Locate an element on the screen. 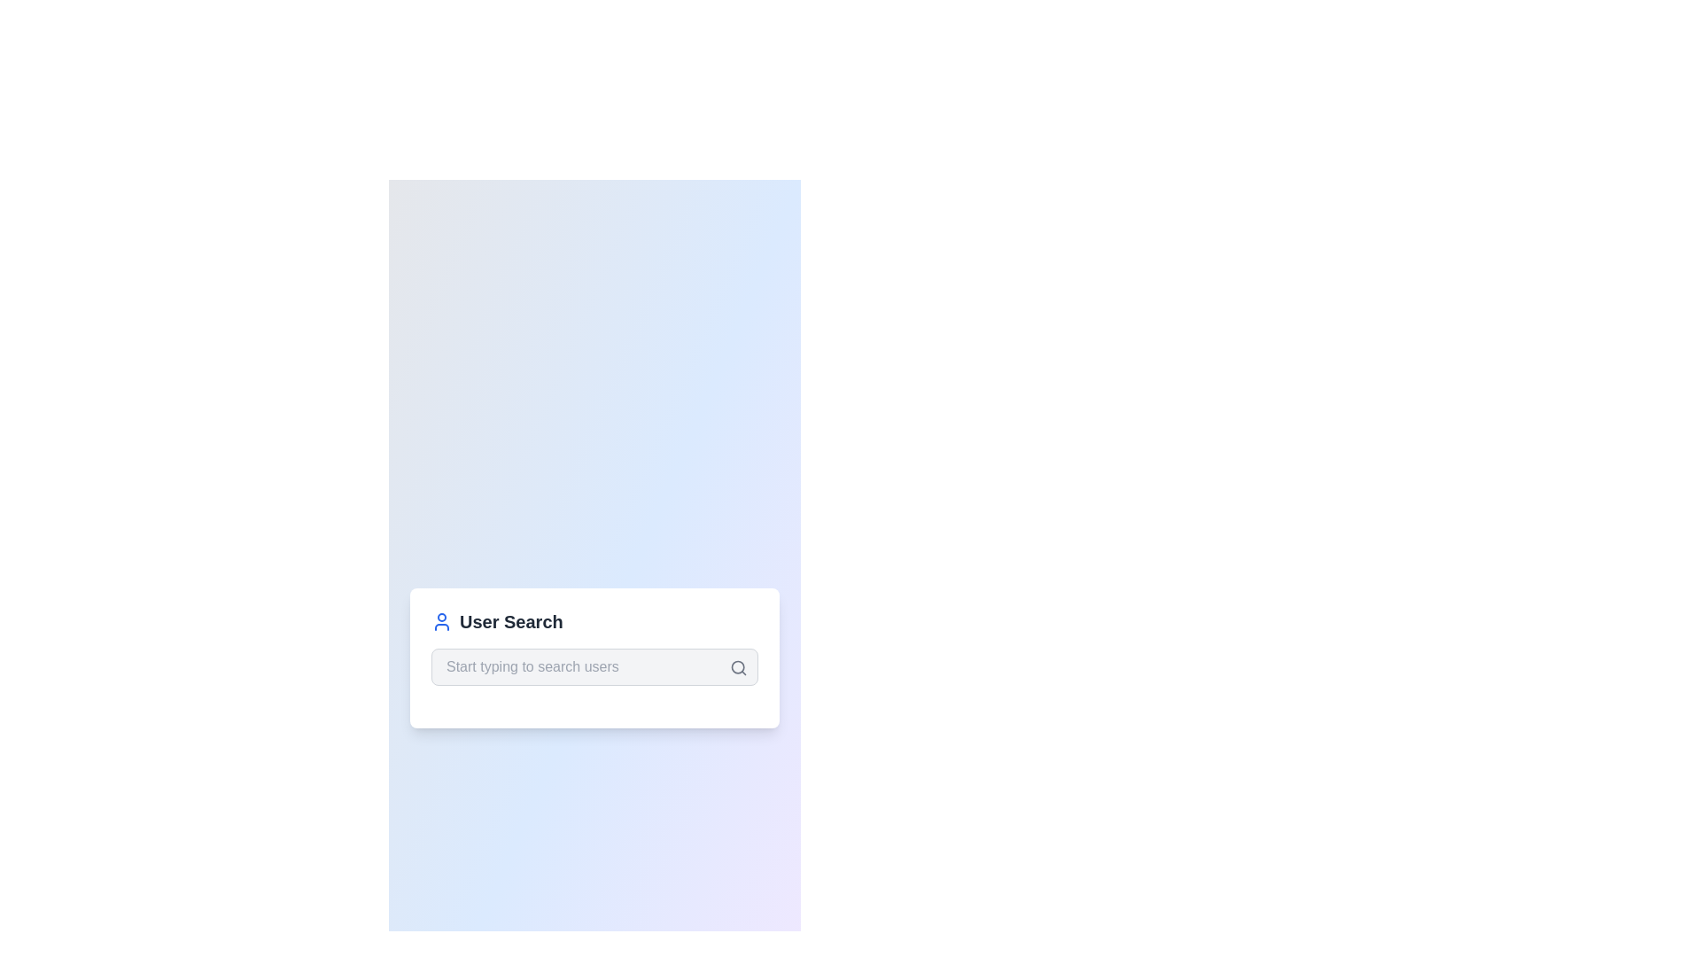  the search icon button, which is a gray magnifying glass located at the top-right corner of the input field, to initiate a search is located at coordinates (739, 667).